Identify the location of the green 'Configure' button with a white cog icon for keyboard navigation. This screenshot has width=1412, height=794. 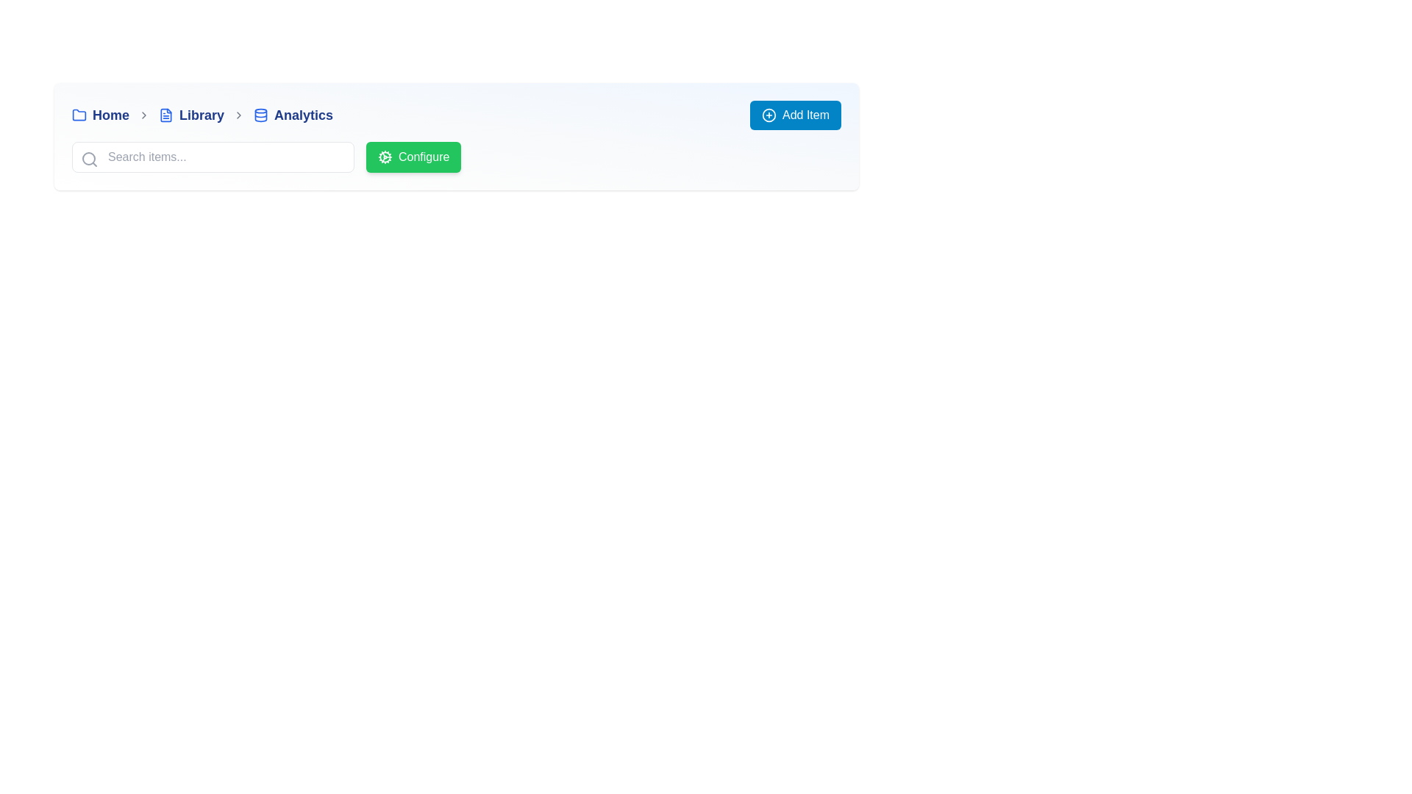
(455, 157).